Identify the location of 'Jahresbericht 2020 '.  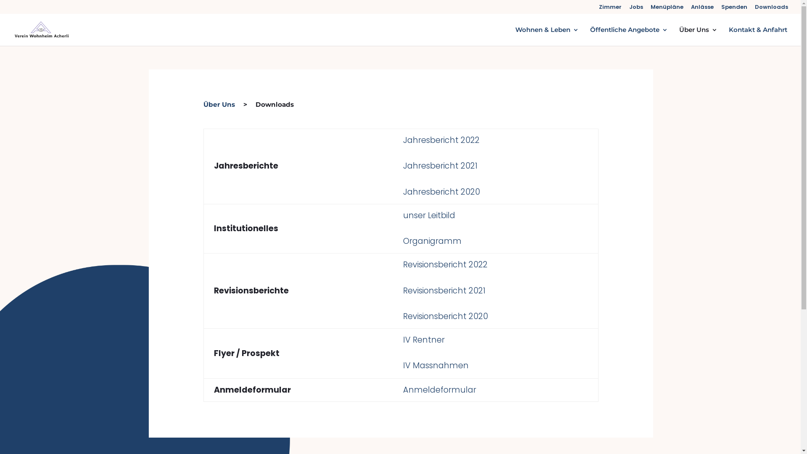
(442, 192).